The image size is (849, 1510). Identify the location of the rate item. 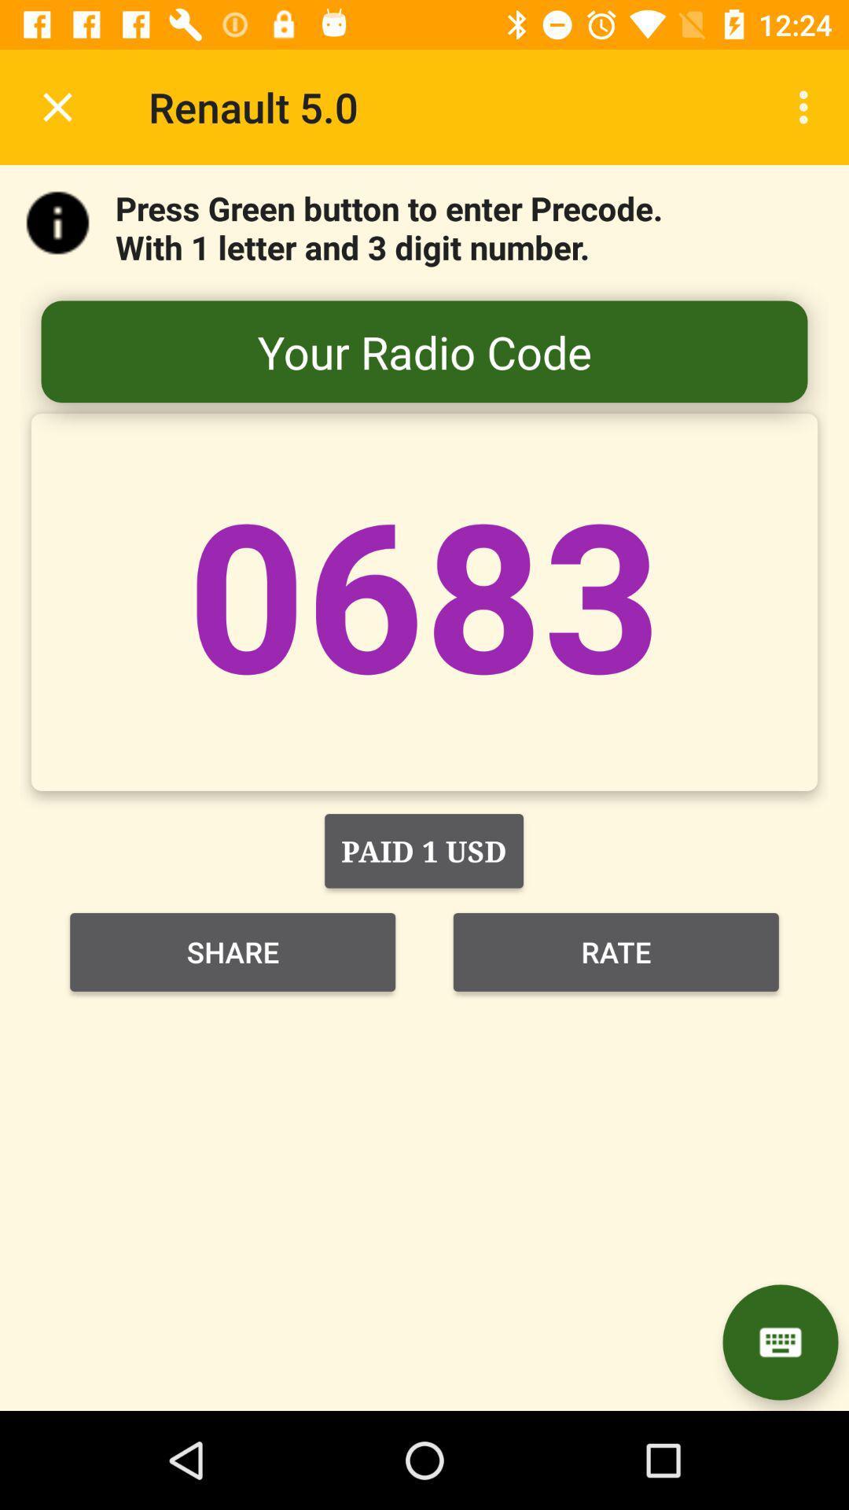
(615, 951).